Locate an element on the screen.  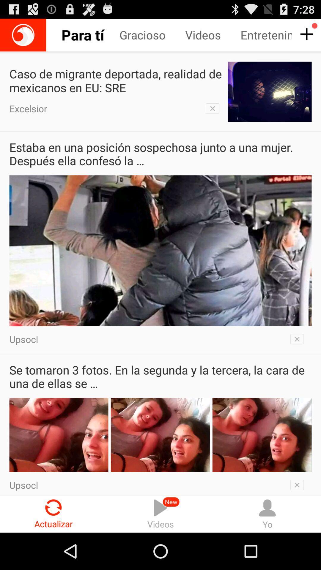
actualizar icon is located at coordinates (53, 514).